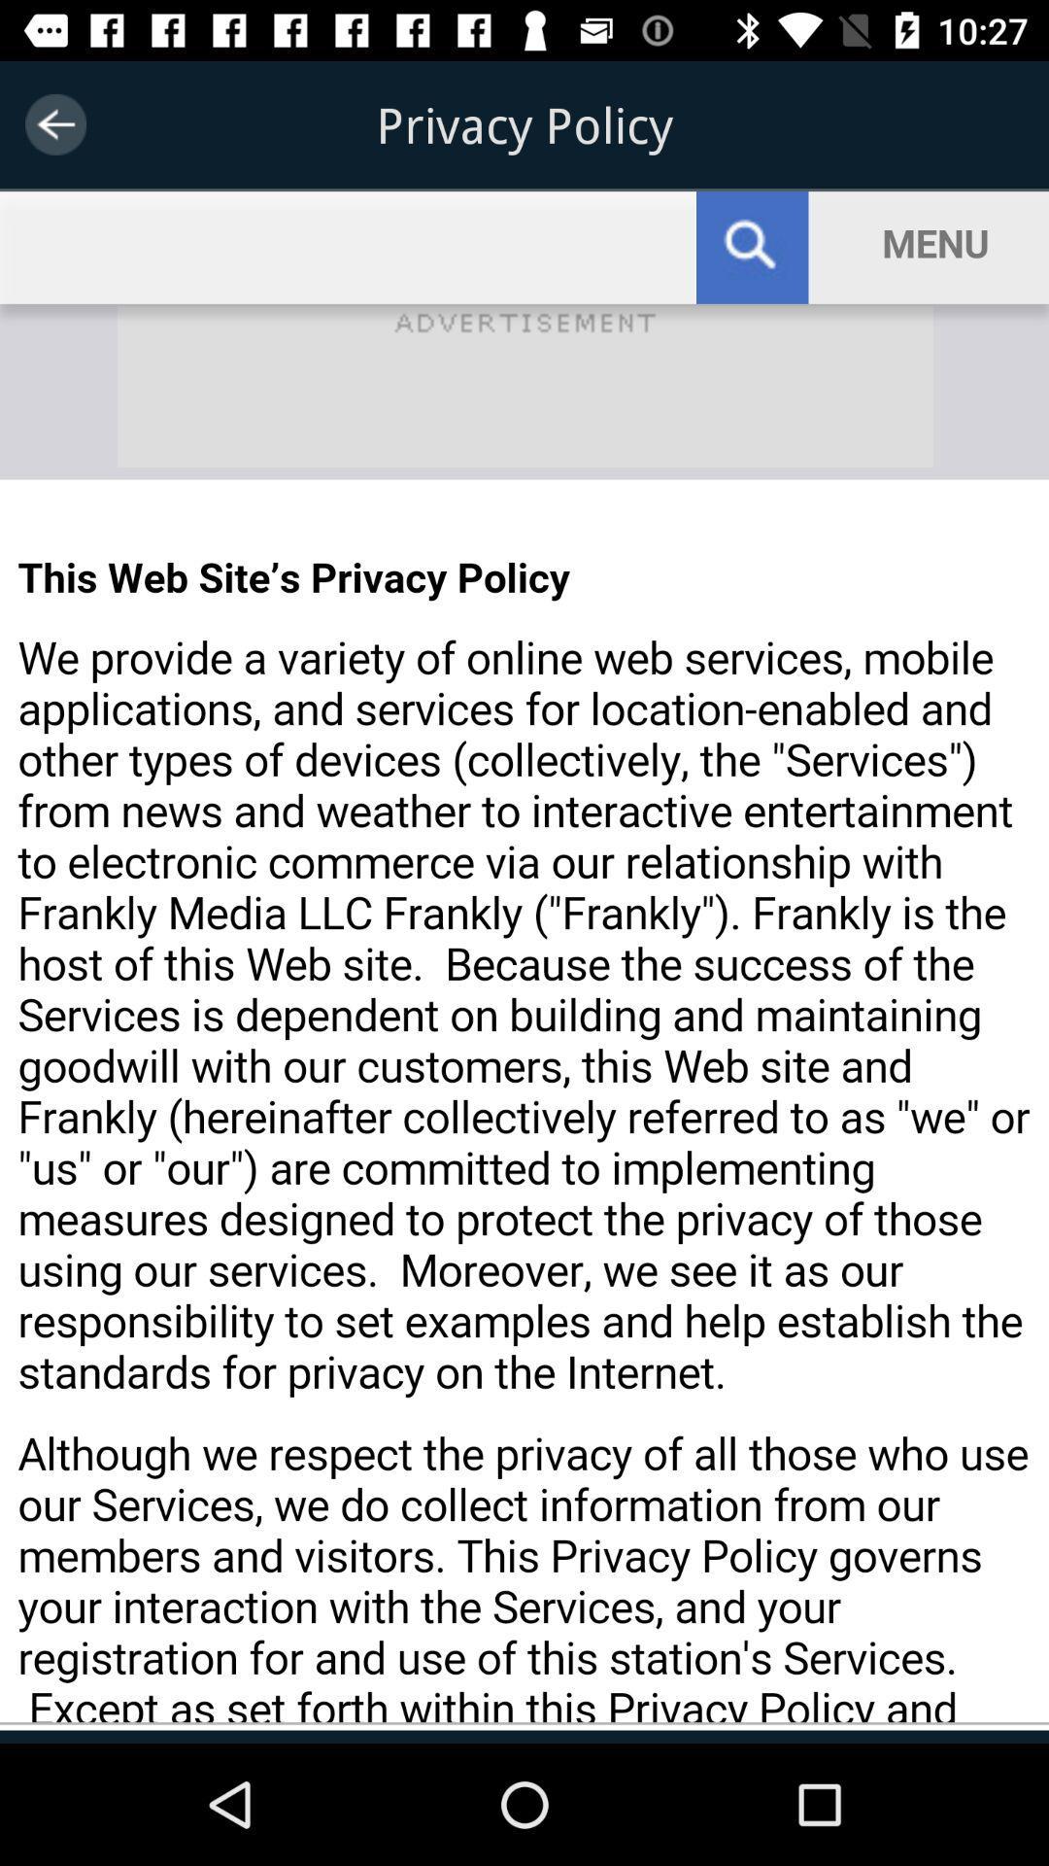  Describe the element at coordinates (54, 123) in the screenshot. I see `the arrow_backward icon` at that location.